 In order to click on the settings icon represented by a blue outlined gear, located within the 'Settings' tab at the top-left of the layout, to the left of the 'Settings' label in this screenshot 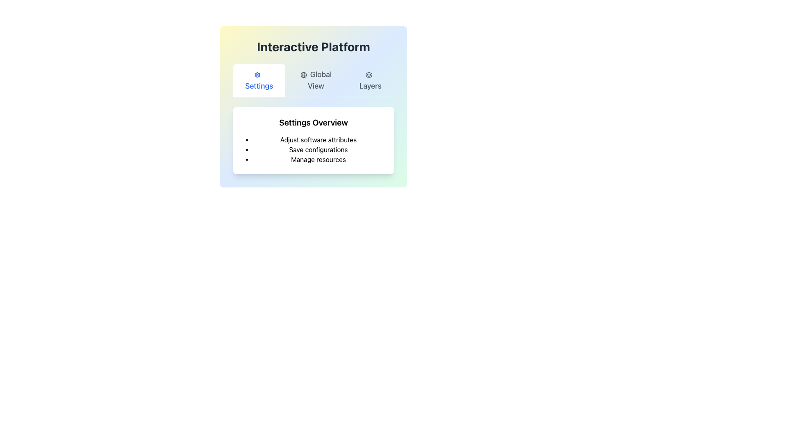, I will do `click(257, 75)`.